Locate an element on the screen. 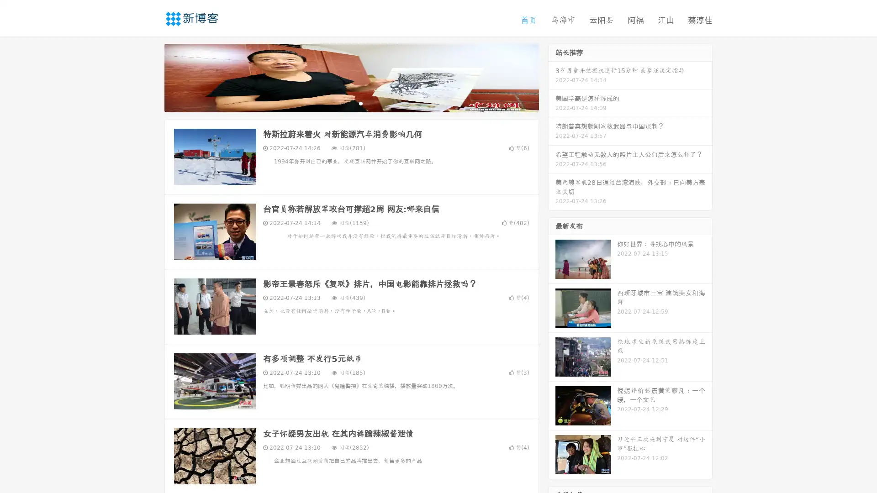 The height and width of the screenshot is (493, 877). Next slide is located at coordinates (552, 77).